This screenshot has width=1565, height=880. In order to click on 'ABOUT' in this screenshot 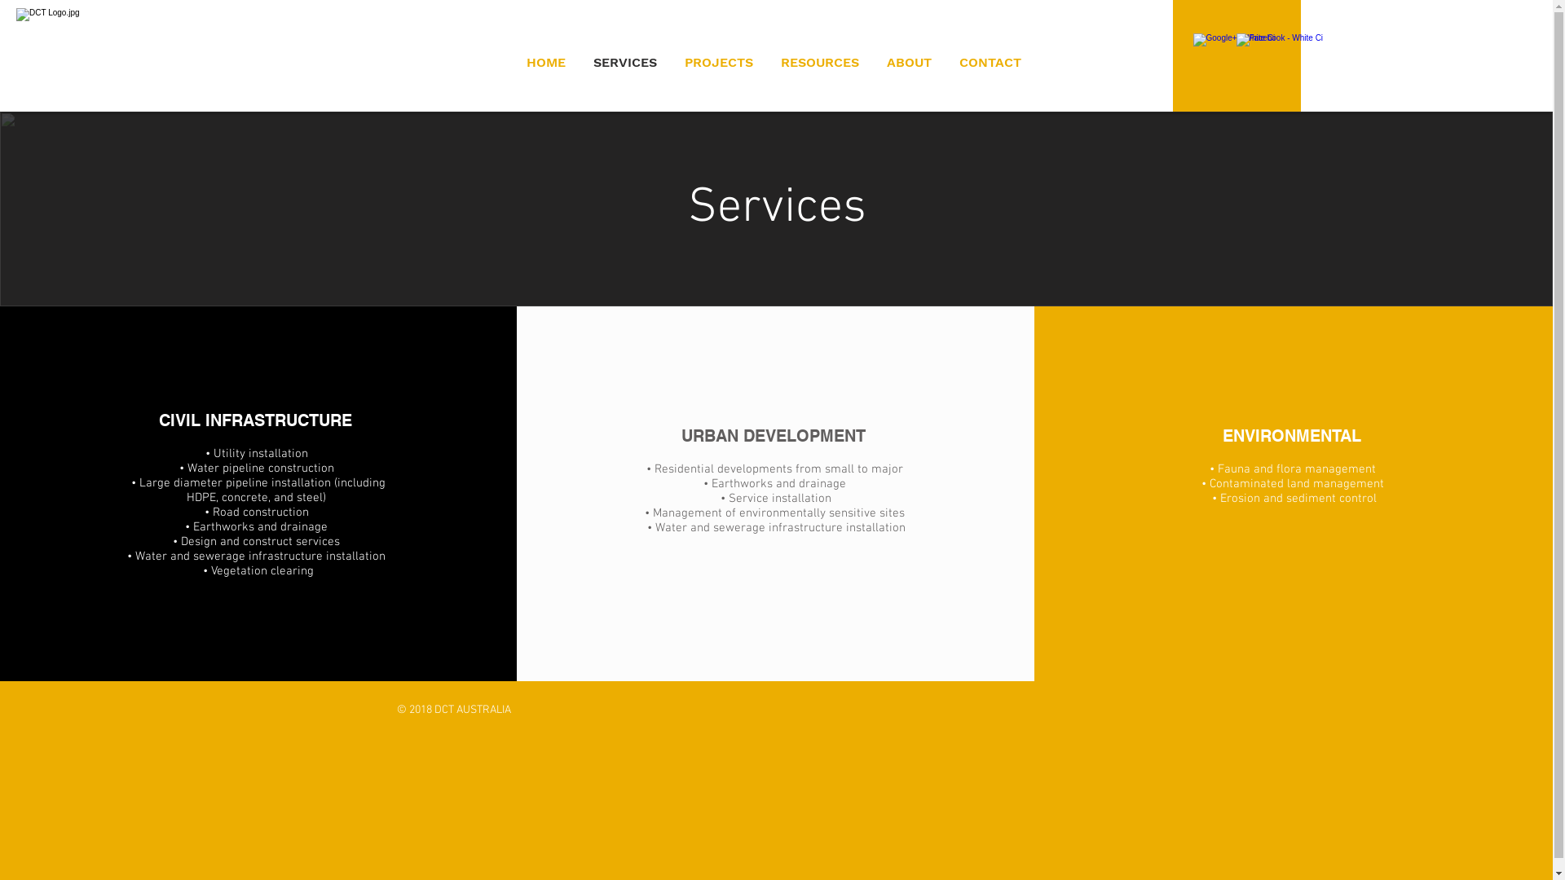, I will do `click(908, 61)`.